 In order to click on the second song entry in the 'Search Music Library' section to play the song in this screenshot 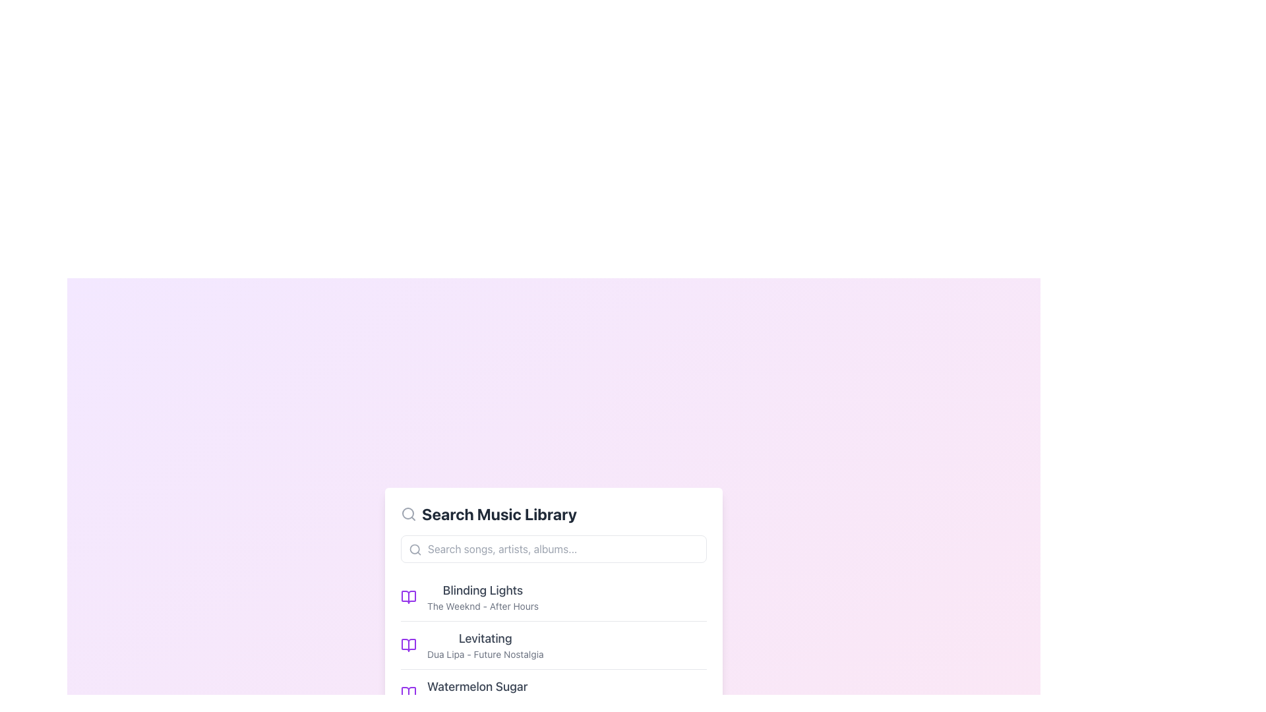, I will do `click(485, 644)`.